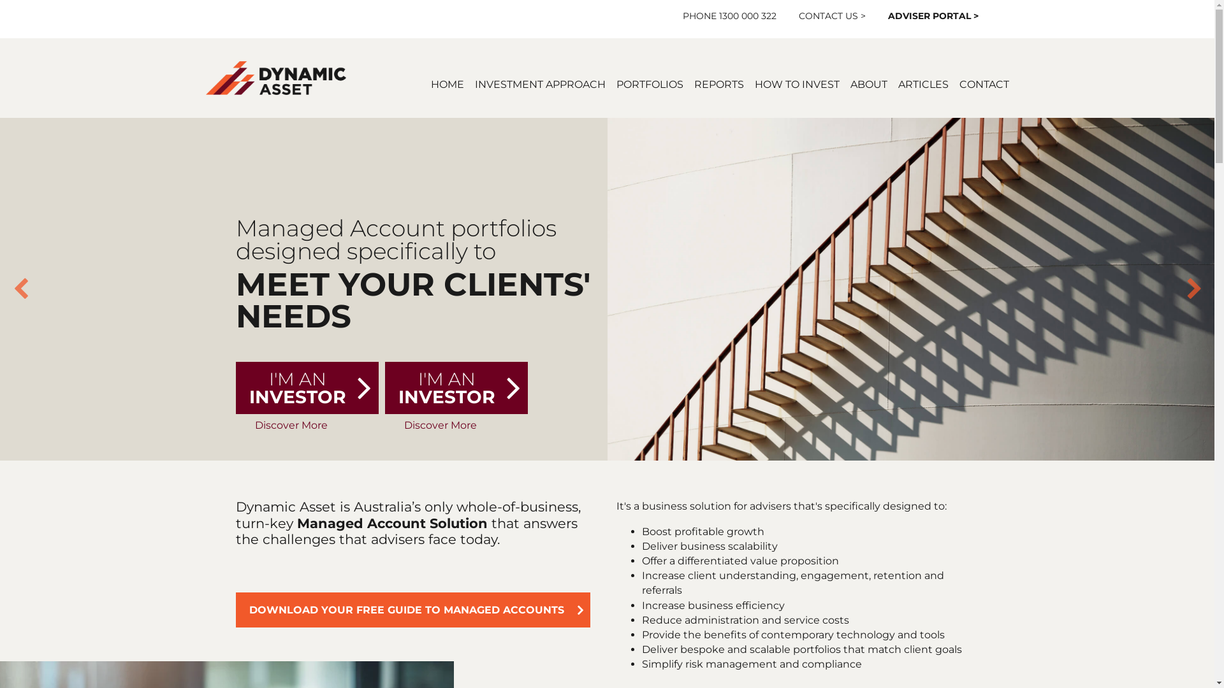 This screenshot has height=688, width=1224. I want to click on 'Dynamic_Asset', so click(275, 78).